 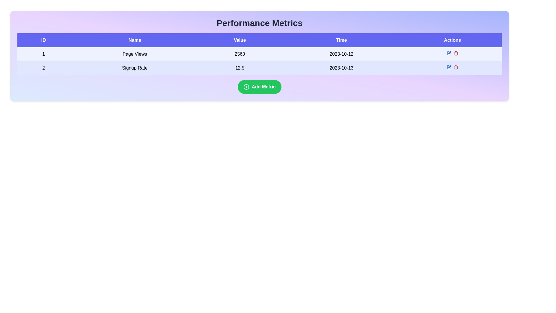 I want to click on the pencil-like icon in the 'Actions' column of the second row of the 'Performance Metrics' table, so click(x=449, y=66).